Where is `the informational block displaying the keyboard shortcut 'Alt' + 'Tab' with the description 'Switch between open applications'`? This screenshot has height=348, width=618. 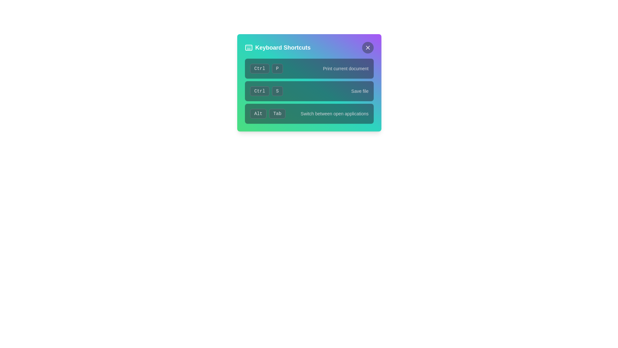
the informational block displaying the keyboard shortcut 'Alt' + 'Tab' with the description 'Switch between open applications' is located at coordinates (309, 113).